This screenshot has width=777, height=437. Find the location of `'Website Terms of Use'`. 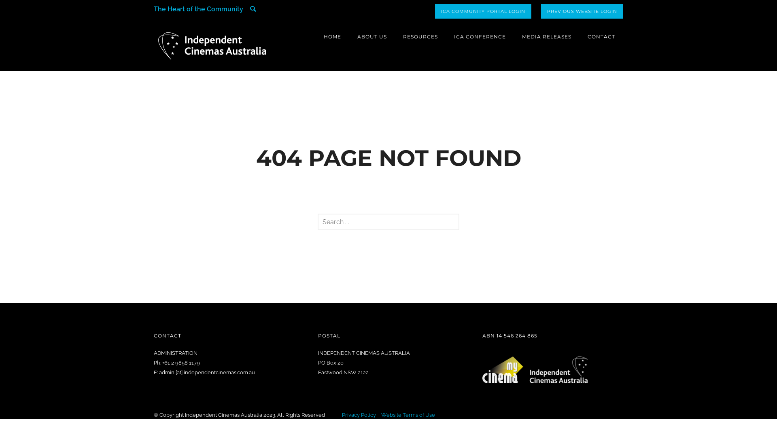

'Website Terms of Use' is located at coordinates (408, 415).